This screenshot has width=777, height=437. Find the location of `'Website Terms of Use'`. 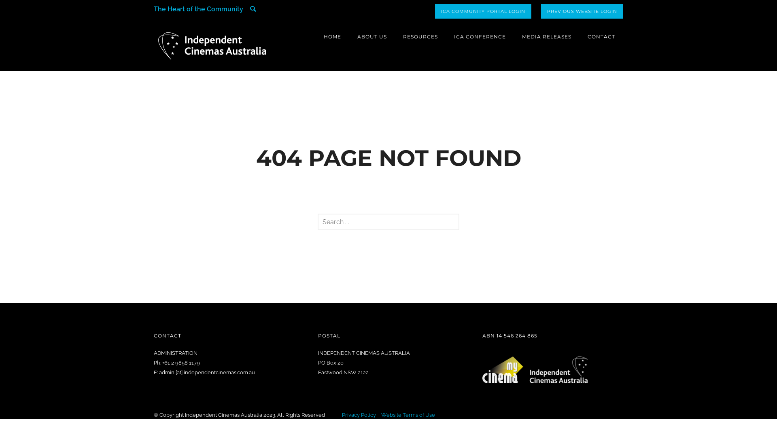

'Website Terms of Use' is located at coordinates (408, 415).